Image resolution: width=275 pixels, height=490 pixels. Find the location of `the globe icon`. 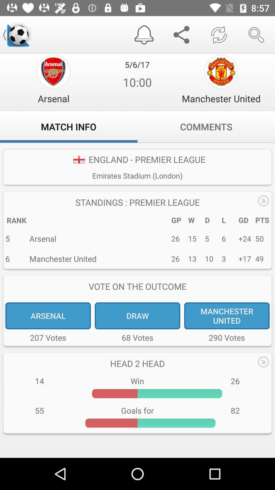

the globe icon is located at coordinates (221, 71).